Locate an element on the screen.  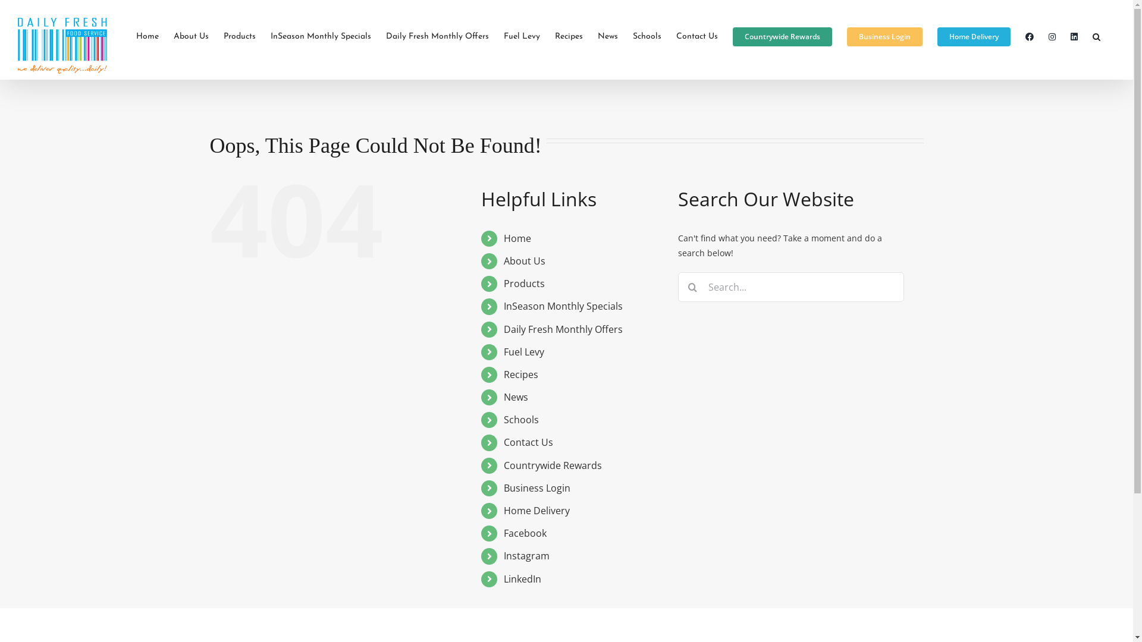
'Recipes' is located at coordinates (503, 373).